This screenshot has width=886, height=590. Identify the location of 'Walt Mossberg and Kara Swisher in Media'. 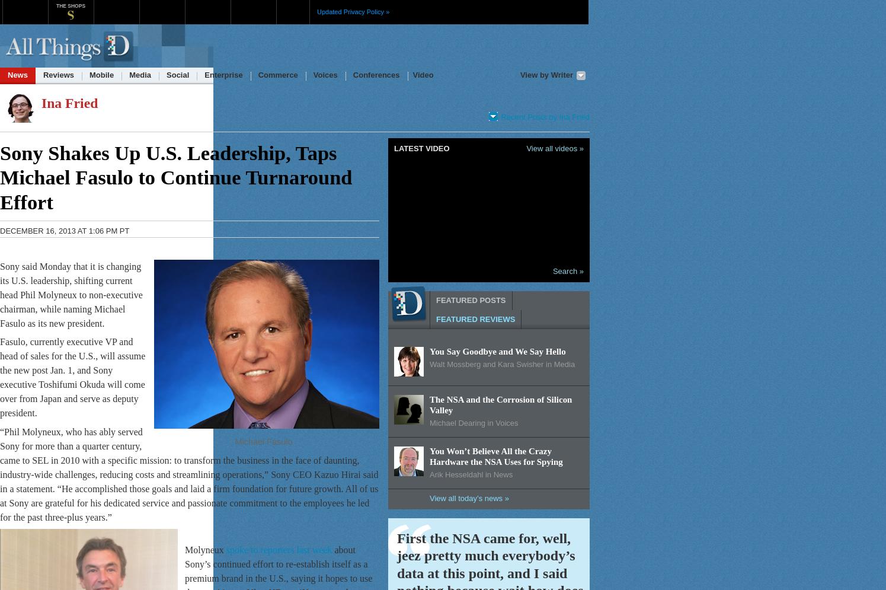
(501, 363).